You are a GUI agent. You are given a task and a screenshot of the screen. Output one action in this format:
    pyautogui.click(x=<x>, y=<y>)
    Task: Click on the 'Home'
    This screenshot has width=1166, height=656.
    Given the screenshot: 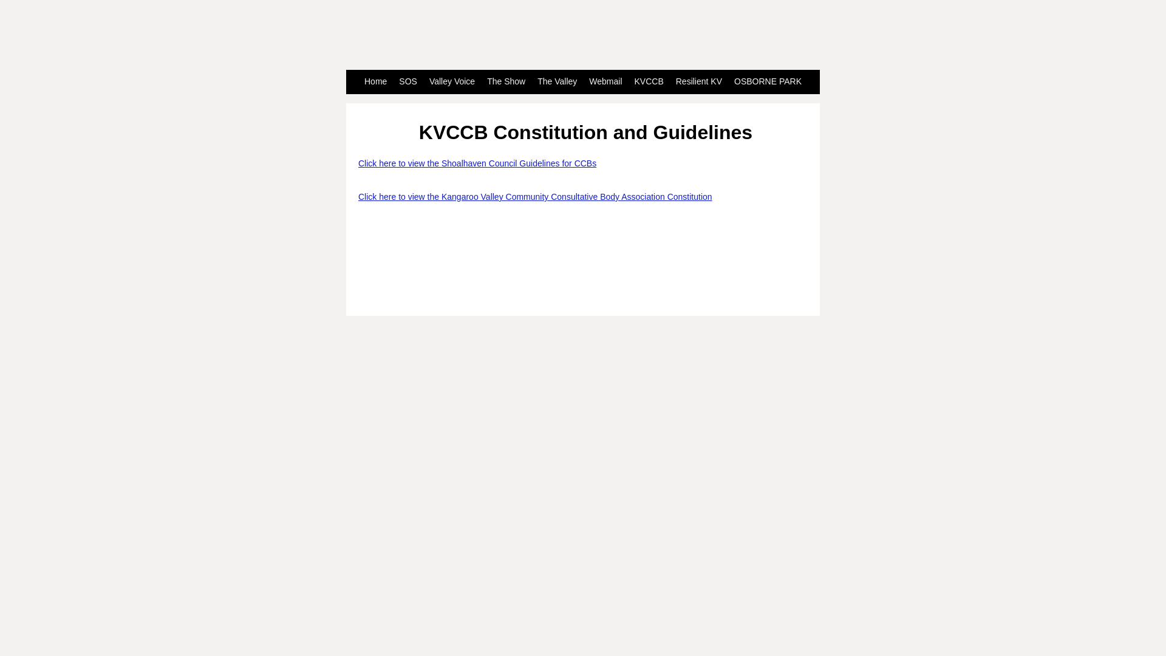 What is the action you would take?
    pyautogui.click(x=375, y=82)
    